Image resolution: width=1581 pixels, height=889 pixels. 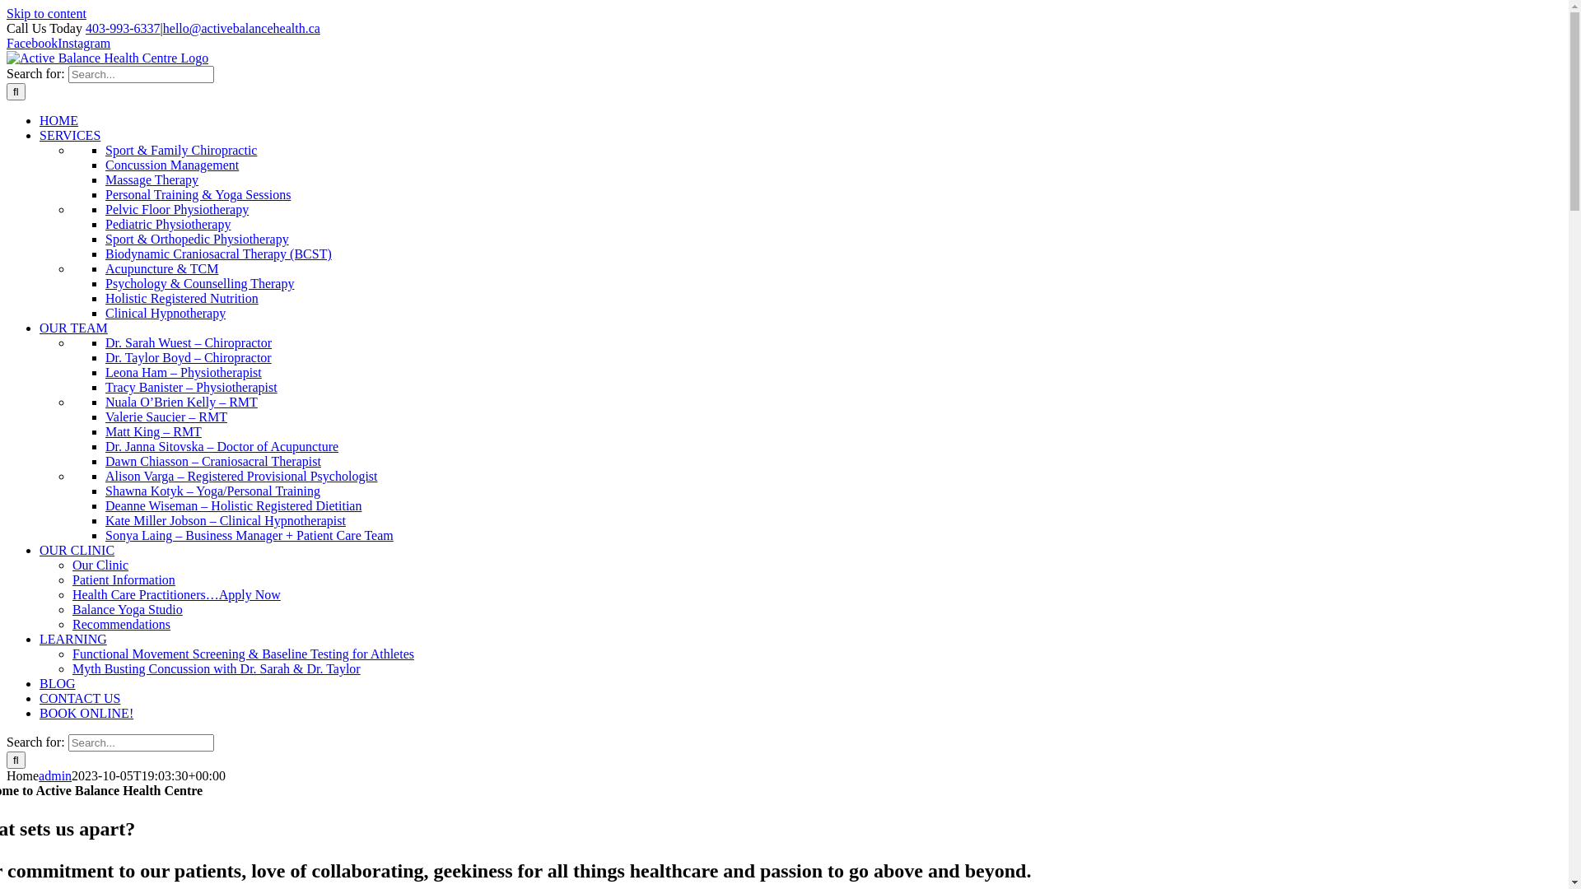 What do you see at coordinates (161, 268) in the screenshot?
I see `'Acupuncture & TCM'` at bounding box center [161, 268].